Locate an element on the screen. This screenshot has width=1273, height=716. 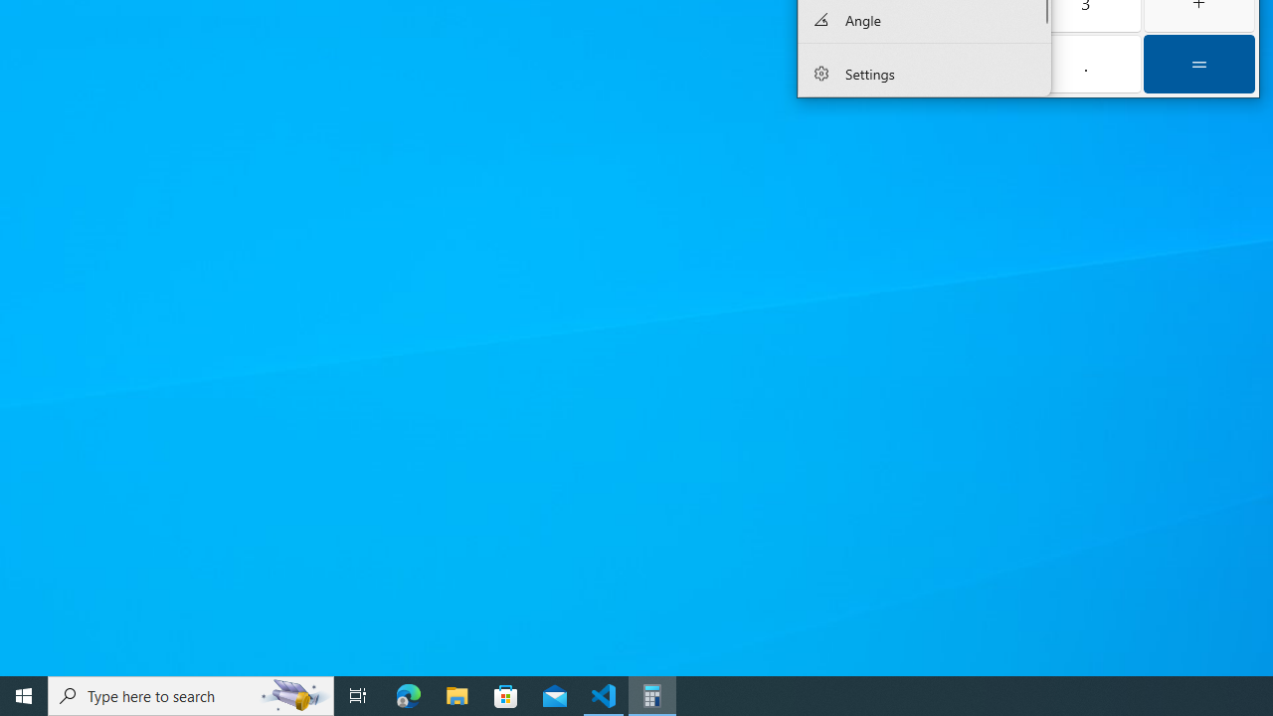
'Calculator - 1 running window' is located at coordinates (652, 694).